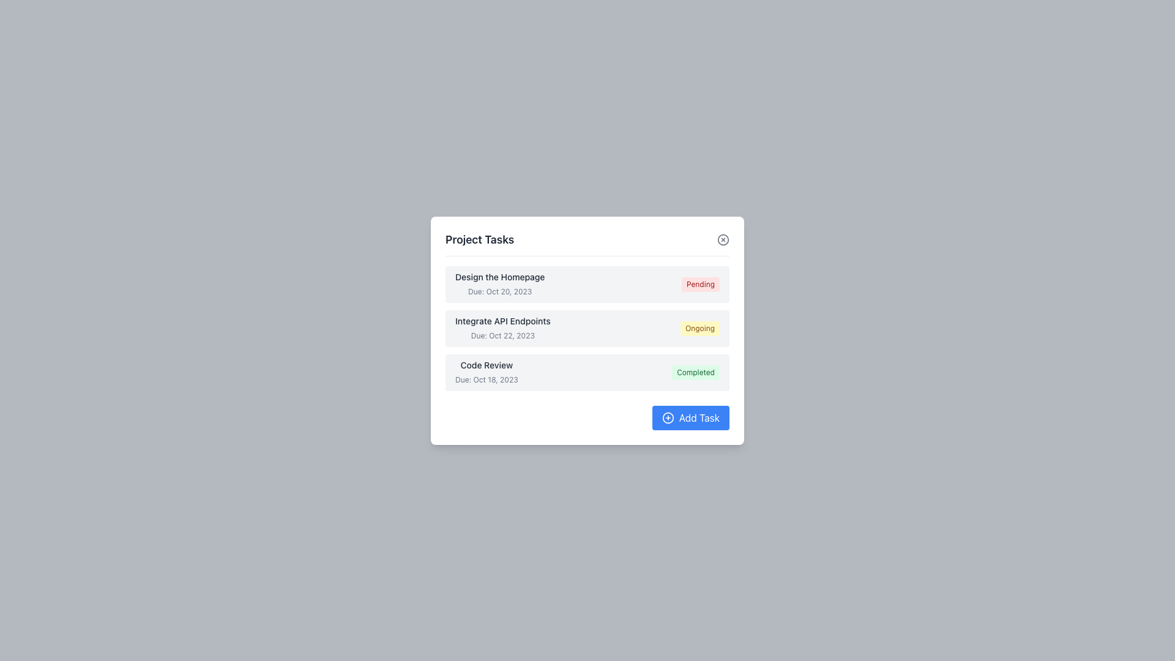 The width and height of the screenshot is (1175, 661). Describe the element at coordinates (723, 239) in the screenshot. I see `the circular close button icon located in the top-right corner of the 'Project Tasks' card, which is part of a minimalist design` at that location.